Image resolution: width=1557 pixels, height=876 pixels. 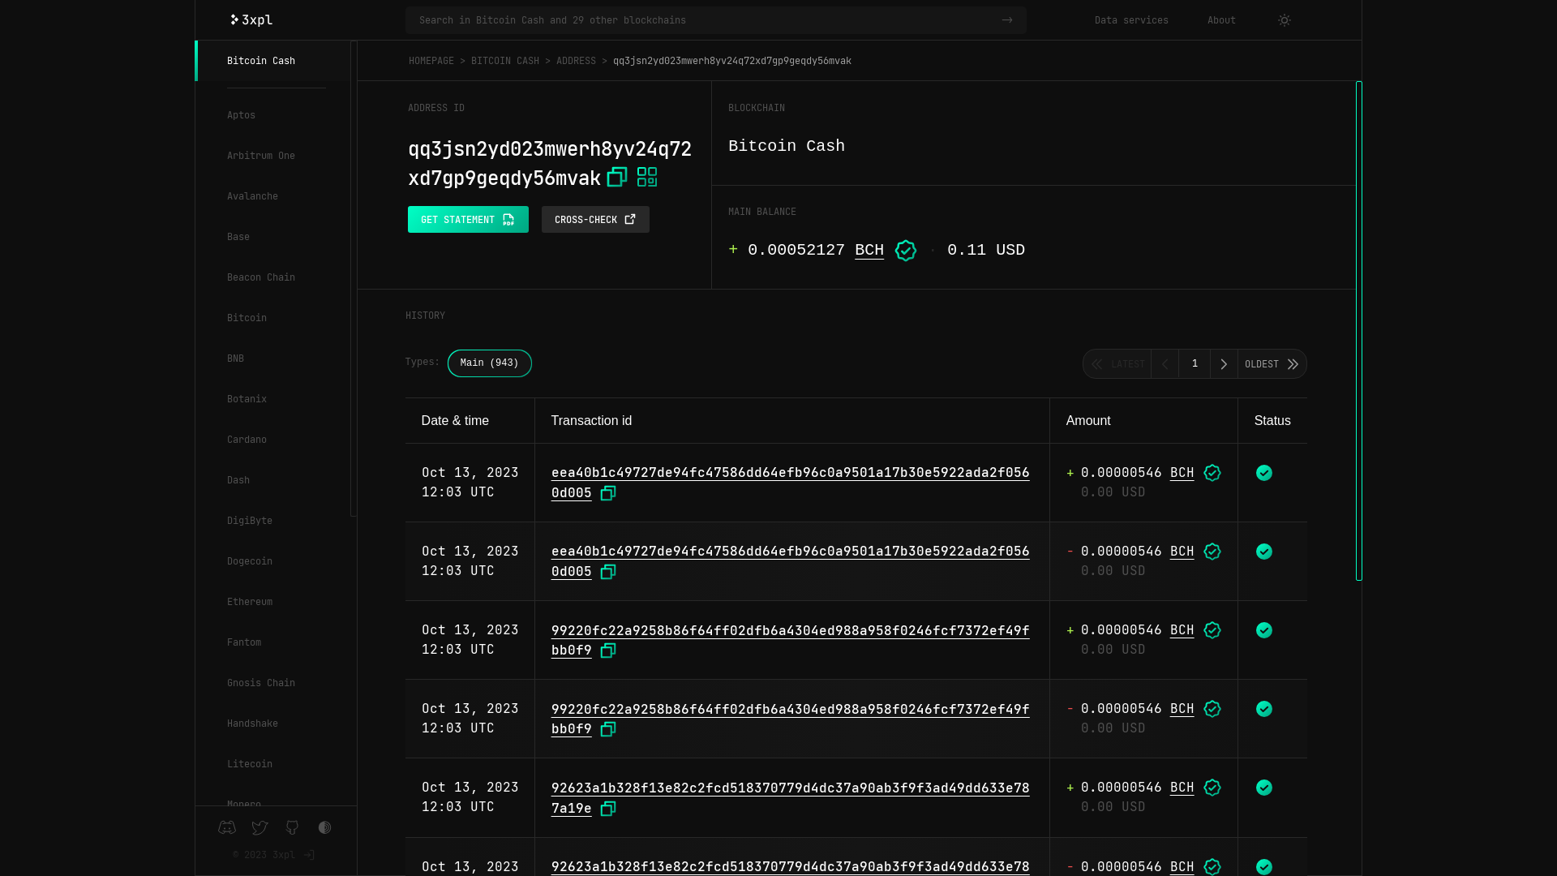 I want to click on 'Beacon Chain', so click(x=272, y=277).